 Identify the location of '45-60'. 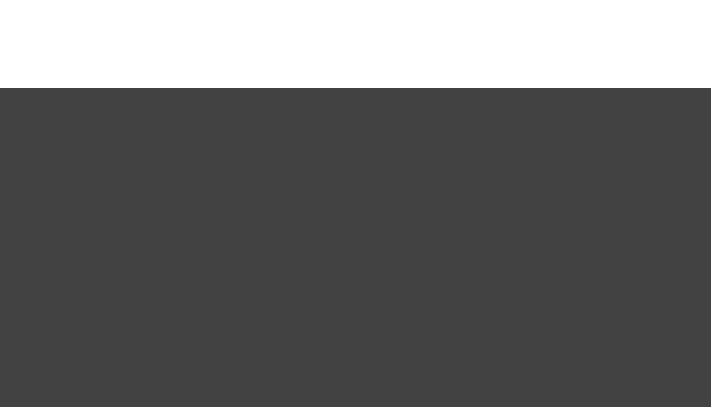
(503, 291).